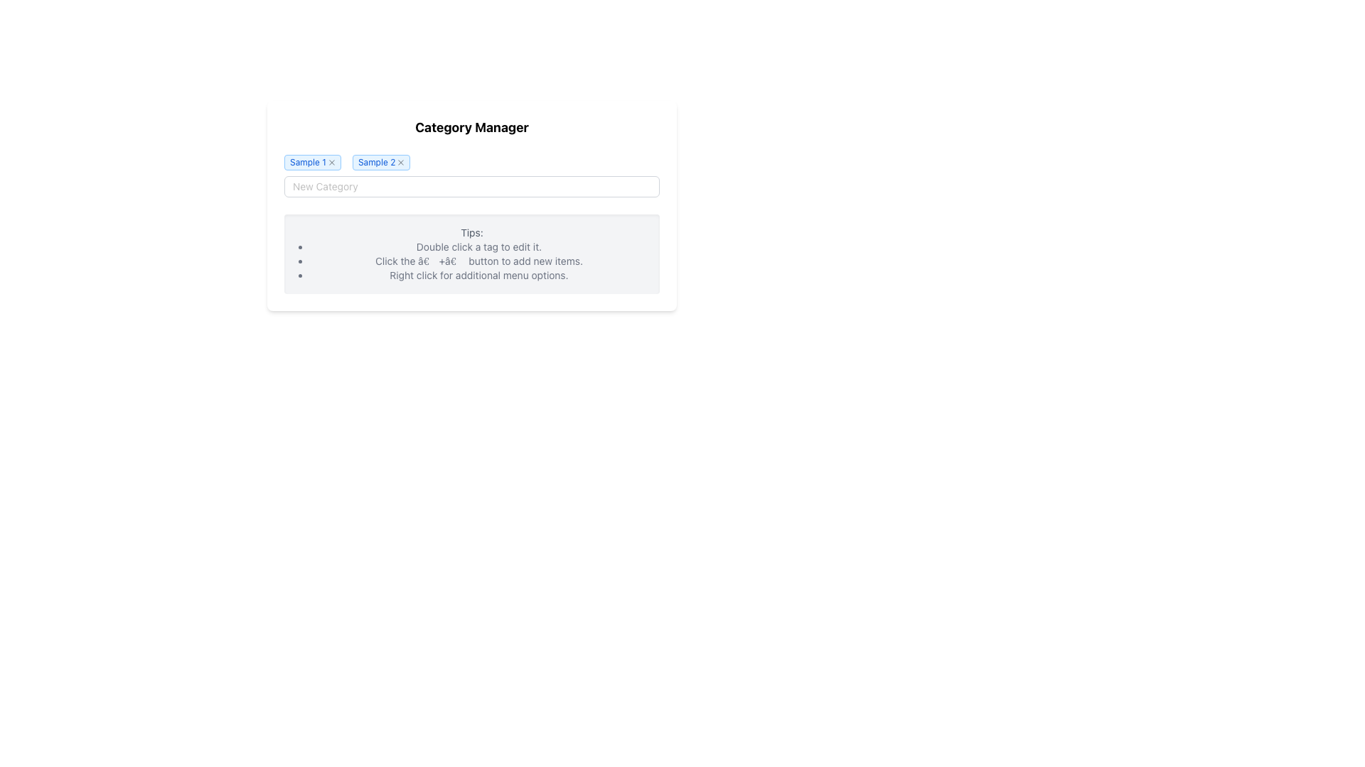 The height and width of the screenshot is (767, 1365). What do you see at coordinates (478, 276) in the screenshot?
I see `the static text label that provides hints about additional menu options, located beneath the title 'Tips' and above lower elements` at bounding box center [478, 276].